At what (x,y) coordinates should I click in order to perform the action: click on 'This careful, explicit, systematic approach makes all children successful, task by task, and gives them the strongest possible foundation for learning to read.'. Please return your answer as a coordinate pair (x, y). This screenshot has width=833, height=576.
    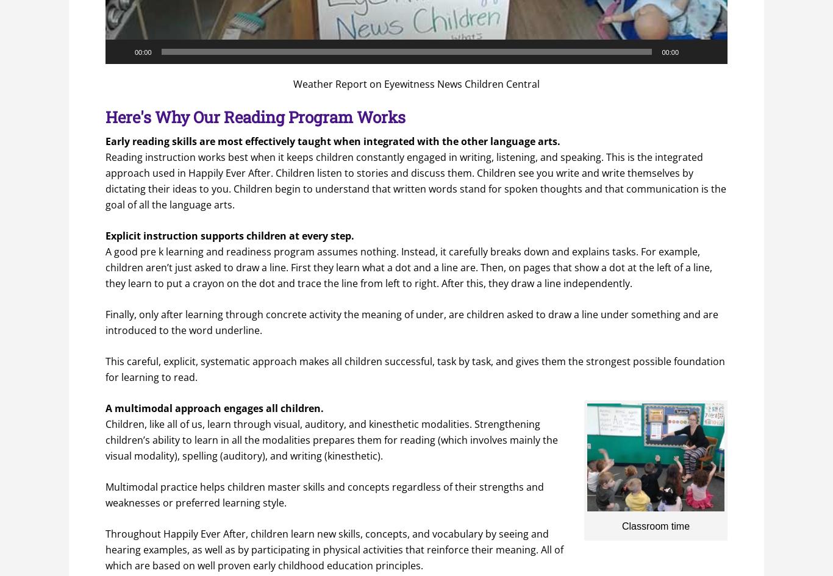
    Looking at the image, I should click on (414, 368).